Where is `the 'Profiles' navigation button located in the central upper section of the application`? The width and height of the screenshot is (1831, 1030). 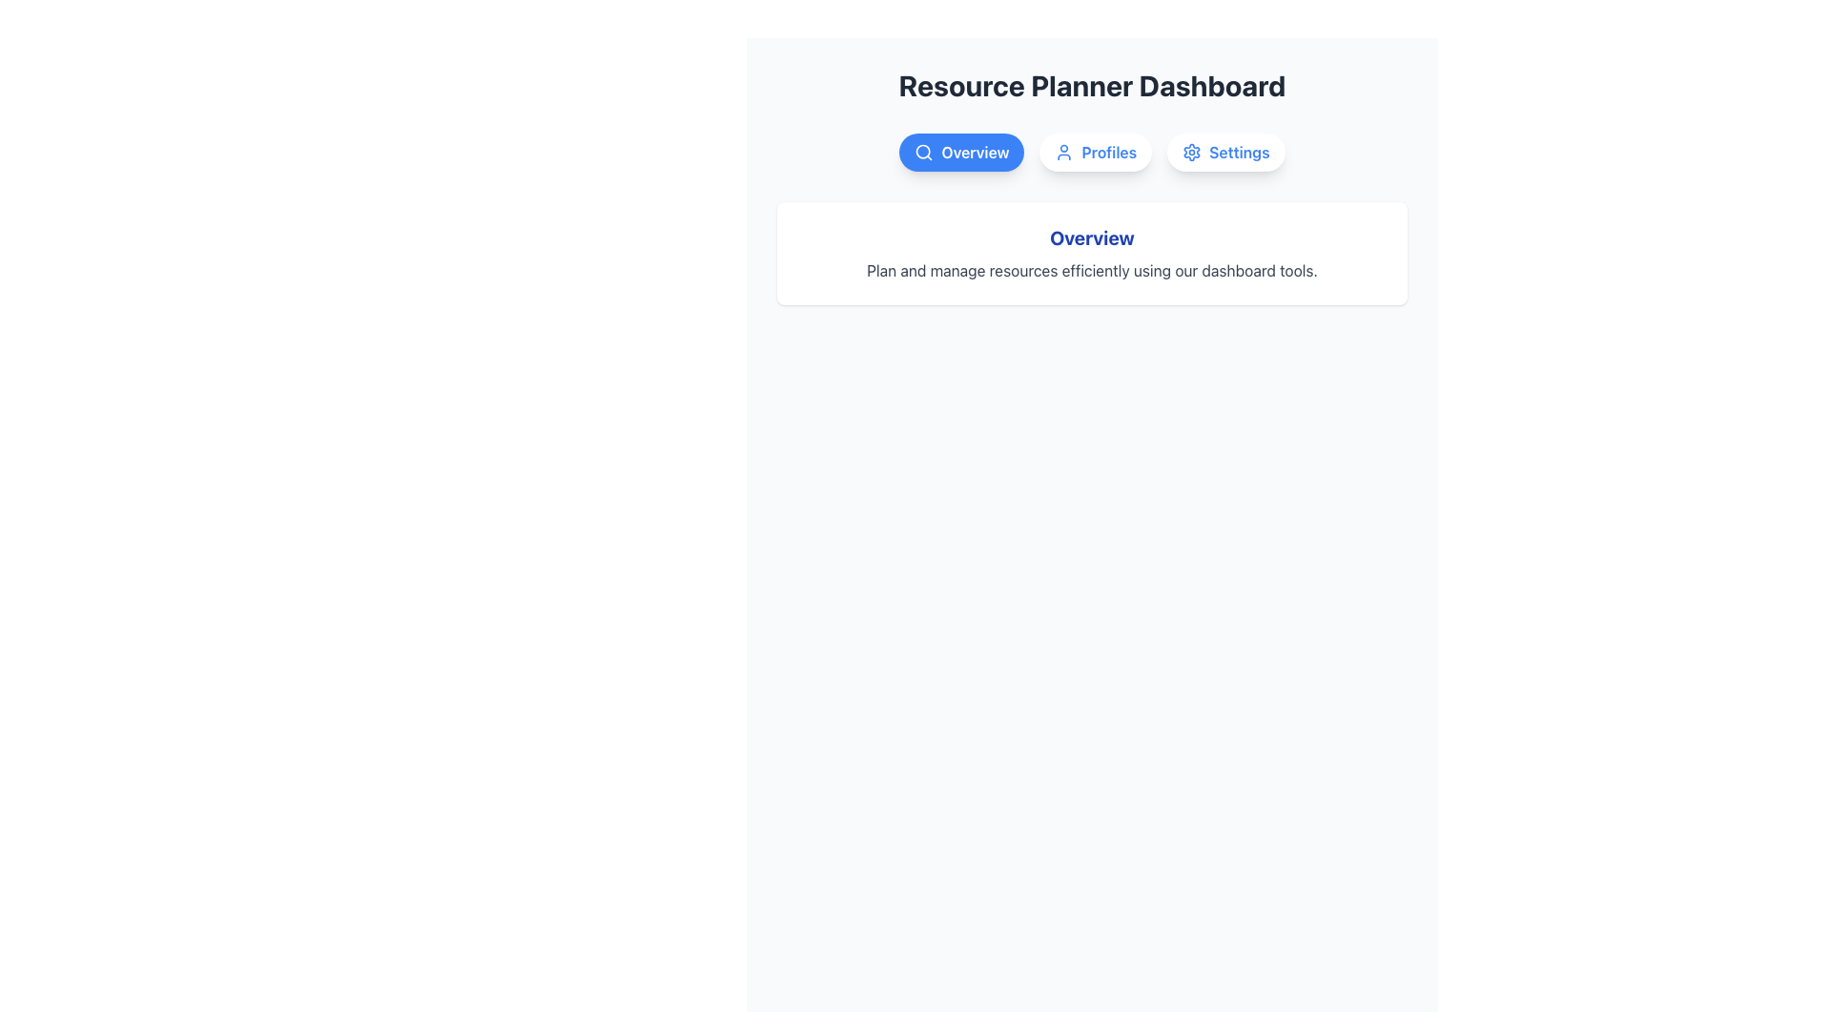 the 'Profiles' navigation button located in the central upper section of the application is located at coordinates (1096, 151).